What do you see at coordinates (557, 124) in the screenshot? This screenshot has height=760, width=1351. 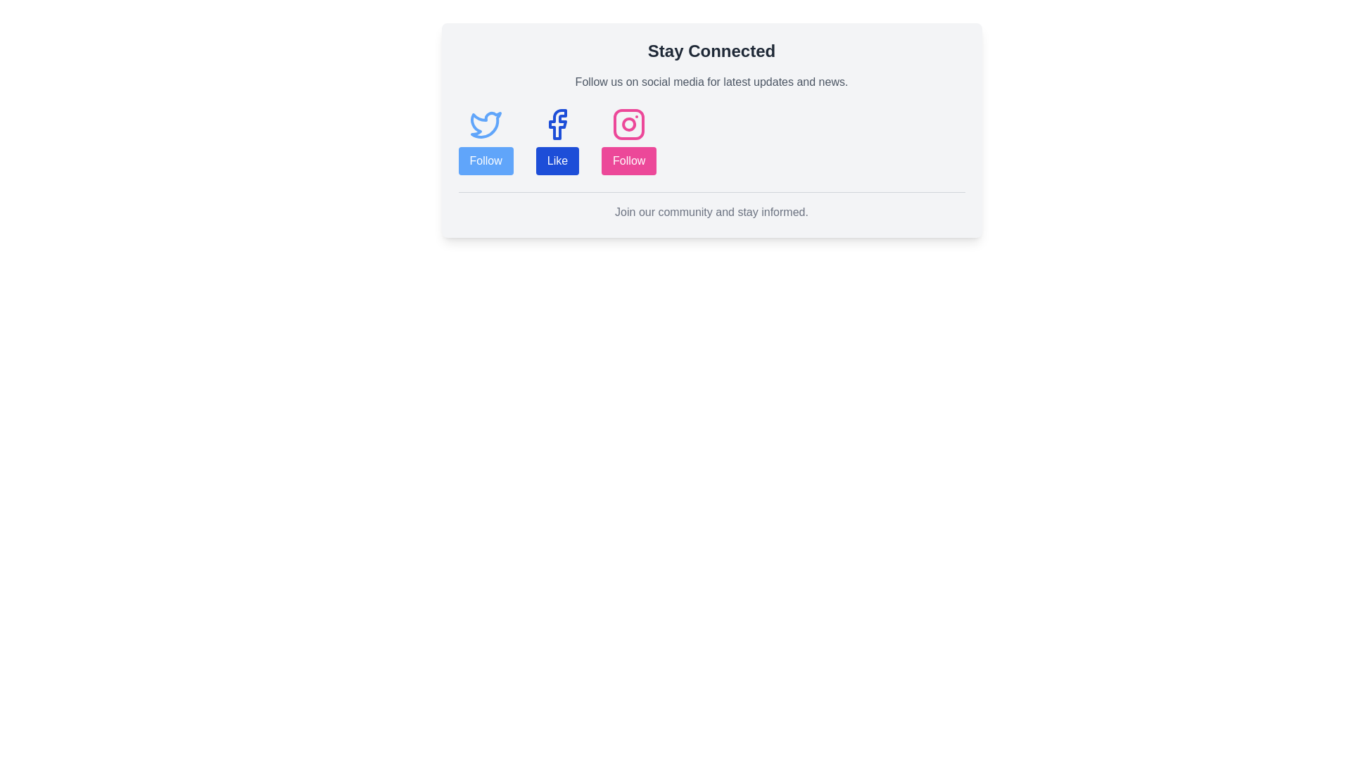 I see `the Facebook 'f' styled logo icon, which is centrally positioned in the row of social media icons` at bounding box center [557, 124].